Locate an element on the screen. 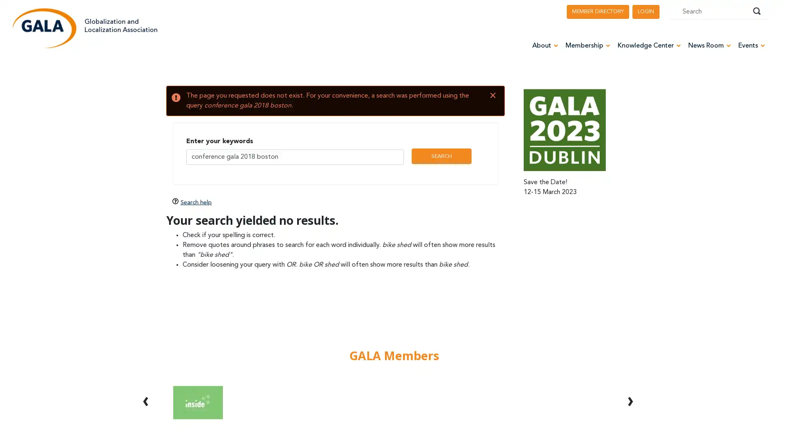  MEMBER DIRECTORY is located at coordinates (598, 11).